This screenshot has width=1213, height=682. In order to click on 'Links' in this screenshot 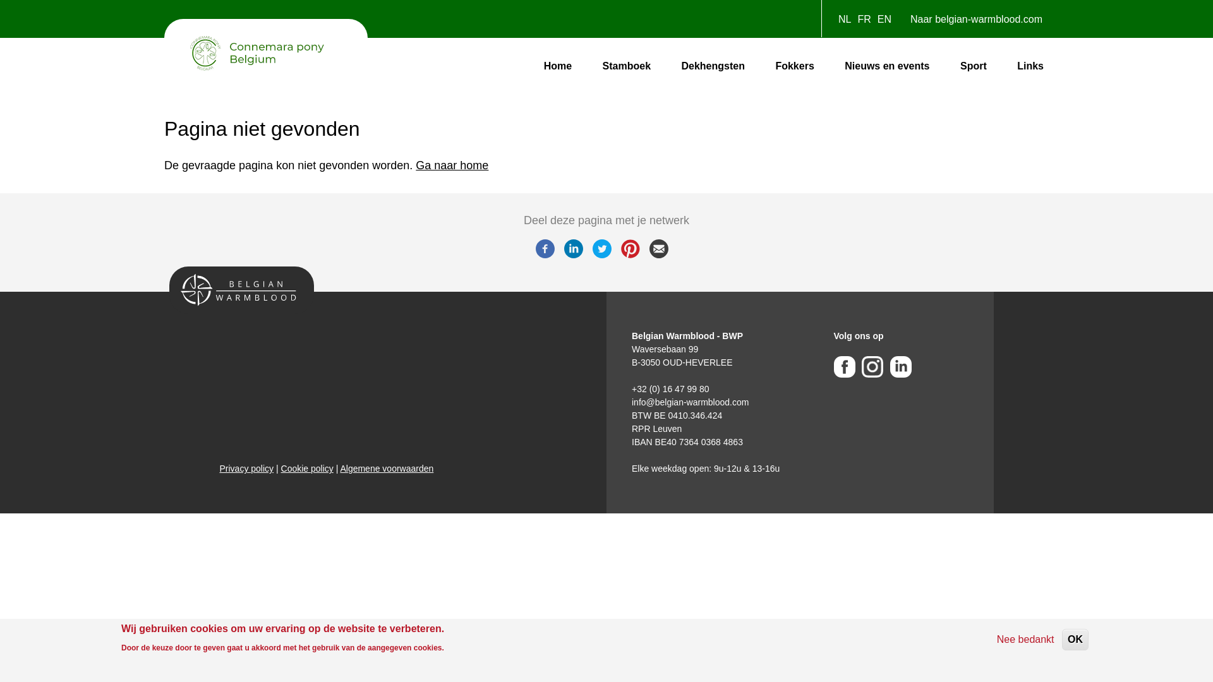, I will do `click(1012, 66)`.